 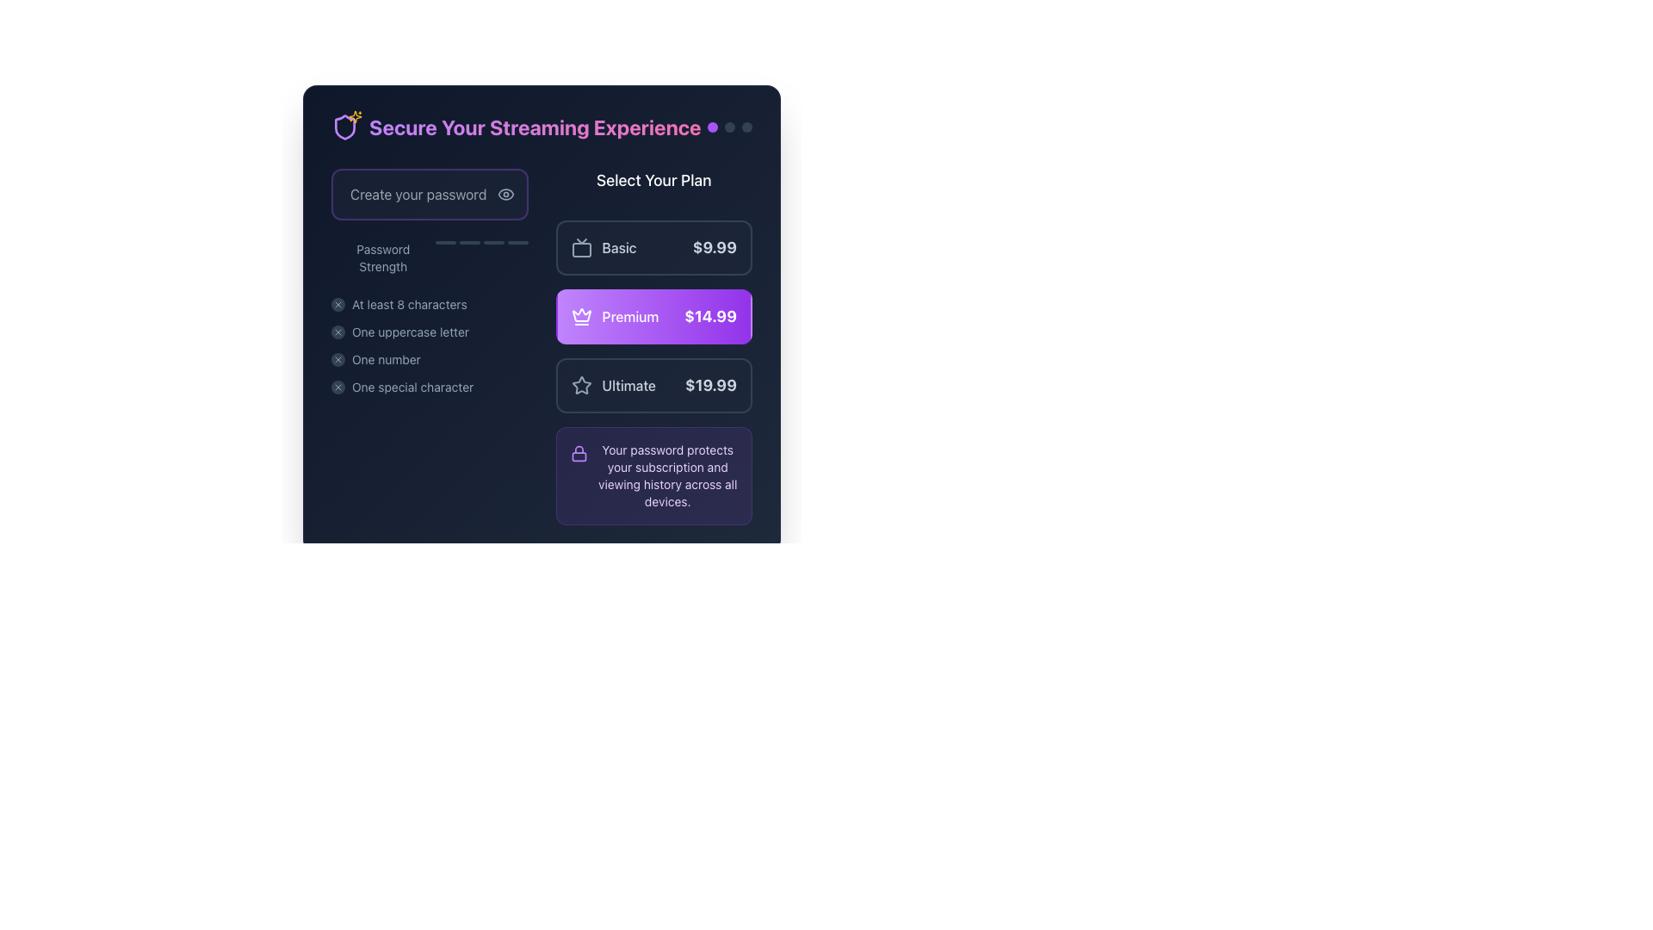 I want to click on the third list item that indicates the requirement for the password to contain at least one numeric character, positioned under 'At least 8 characters' and 'One uppercase letter.', so click(x=430, y=346).